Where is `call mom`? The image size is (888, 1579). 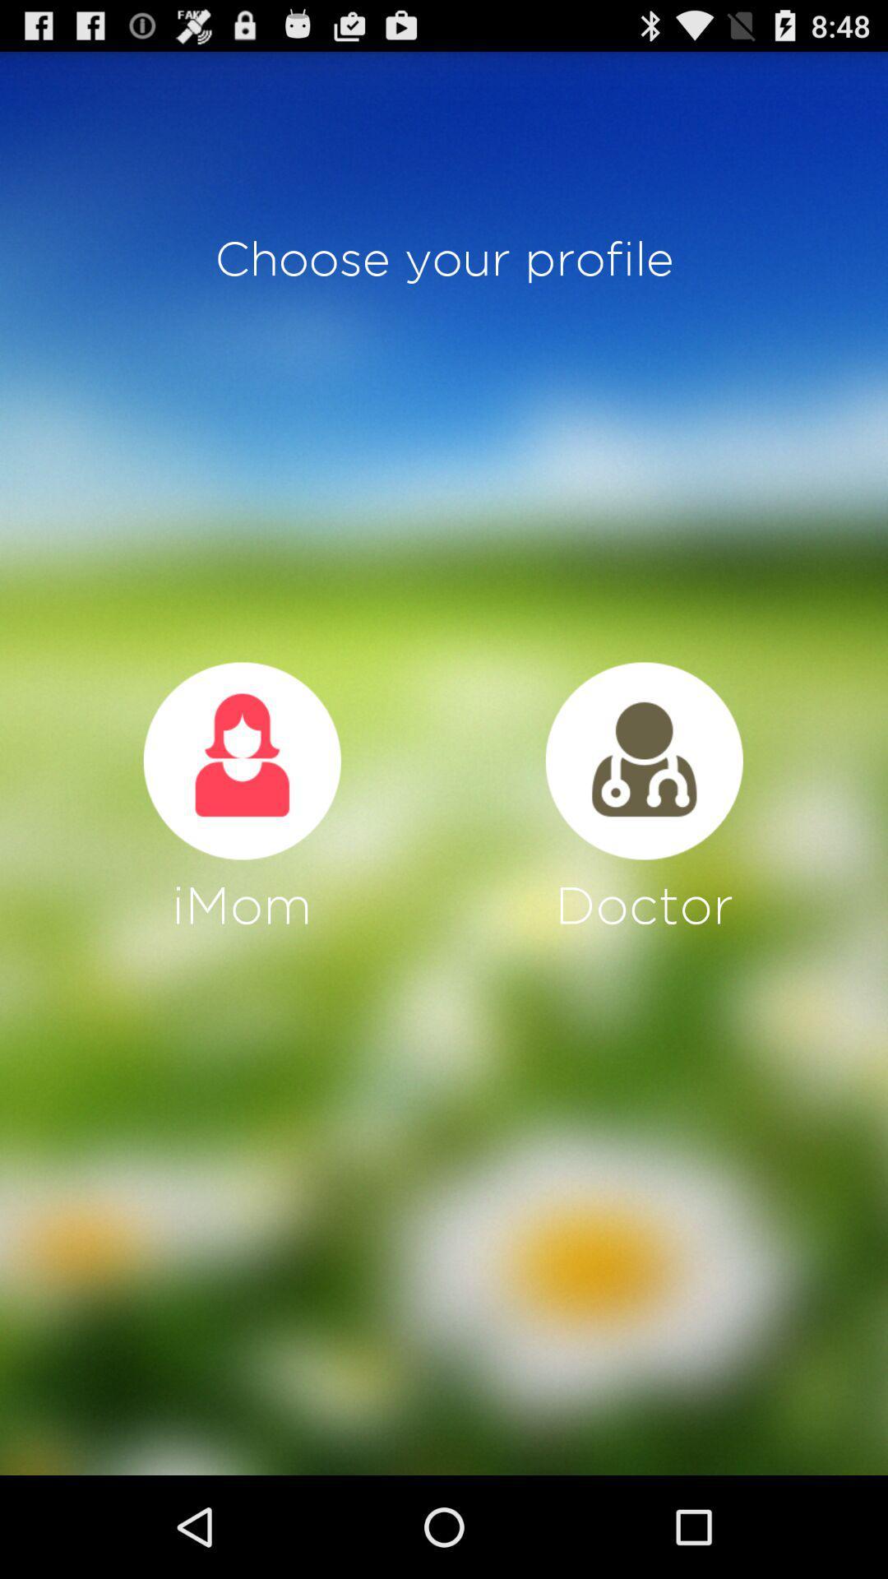 call mom is located at coordinates (242, 760).